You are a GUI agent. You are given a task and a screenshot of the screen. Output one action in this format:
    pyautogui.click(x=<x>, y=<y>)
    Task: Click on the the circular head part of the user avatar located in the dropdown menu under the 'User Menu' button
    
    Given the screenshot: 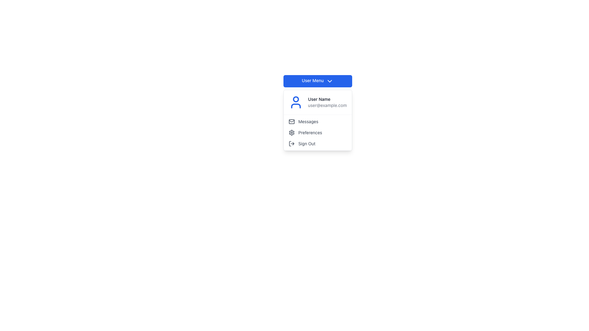 What is the action you would take?
    pyautogui.click(x=296, y=99)
    